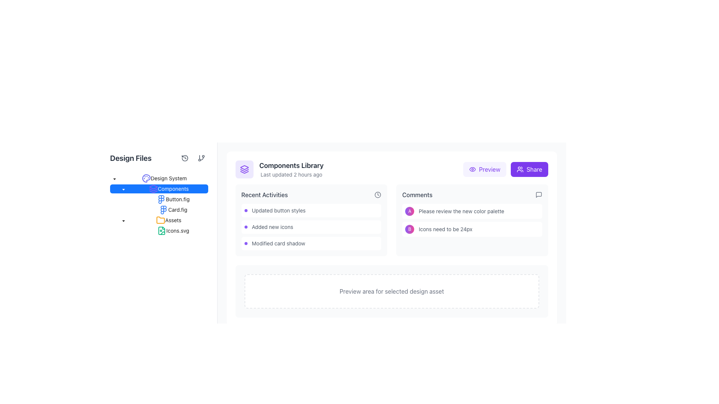 This screenshot has width=719, height=404. Describe the element at coordinates (173, 230) in the screenshot. I see `the 'Icons.svg' file` at that location.